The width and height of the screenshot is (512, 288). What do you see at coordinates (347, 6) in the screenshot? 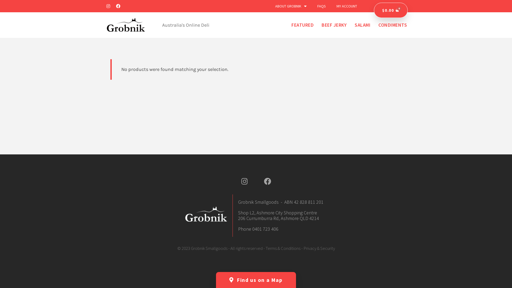
I see `'MY ACCOUNT'` at bounding box center [347, 6].